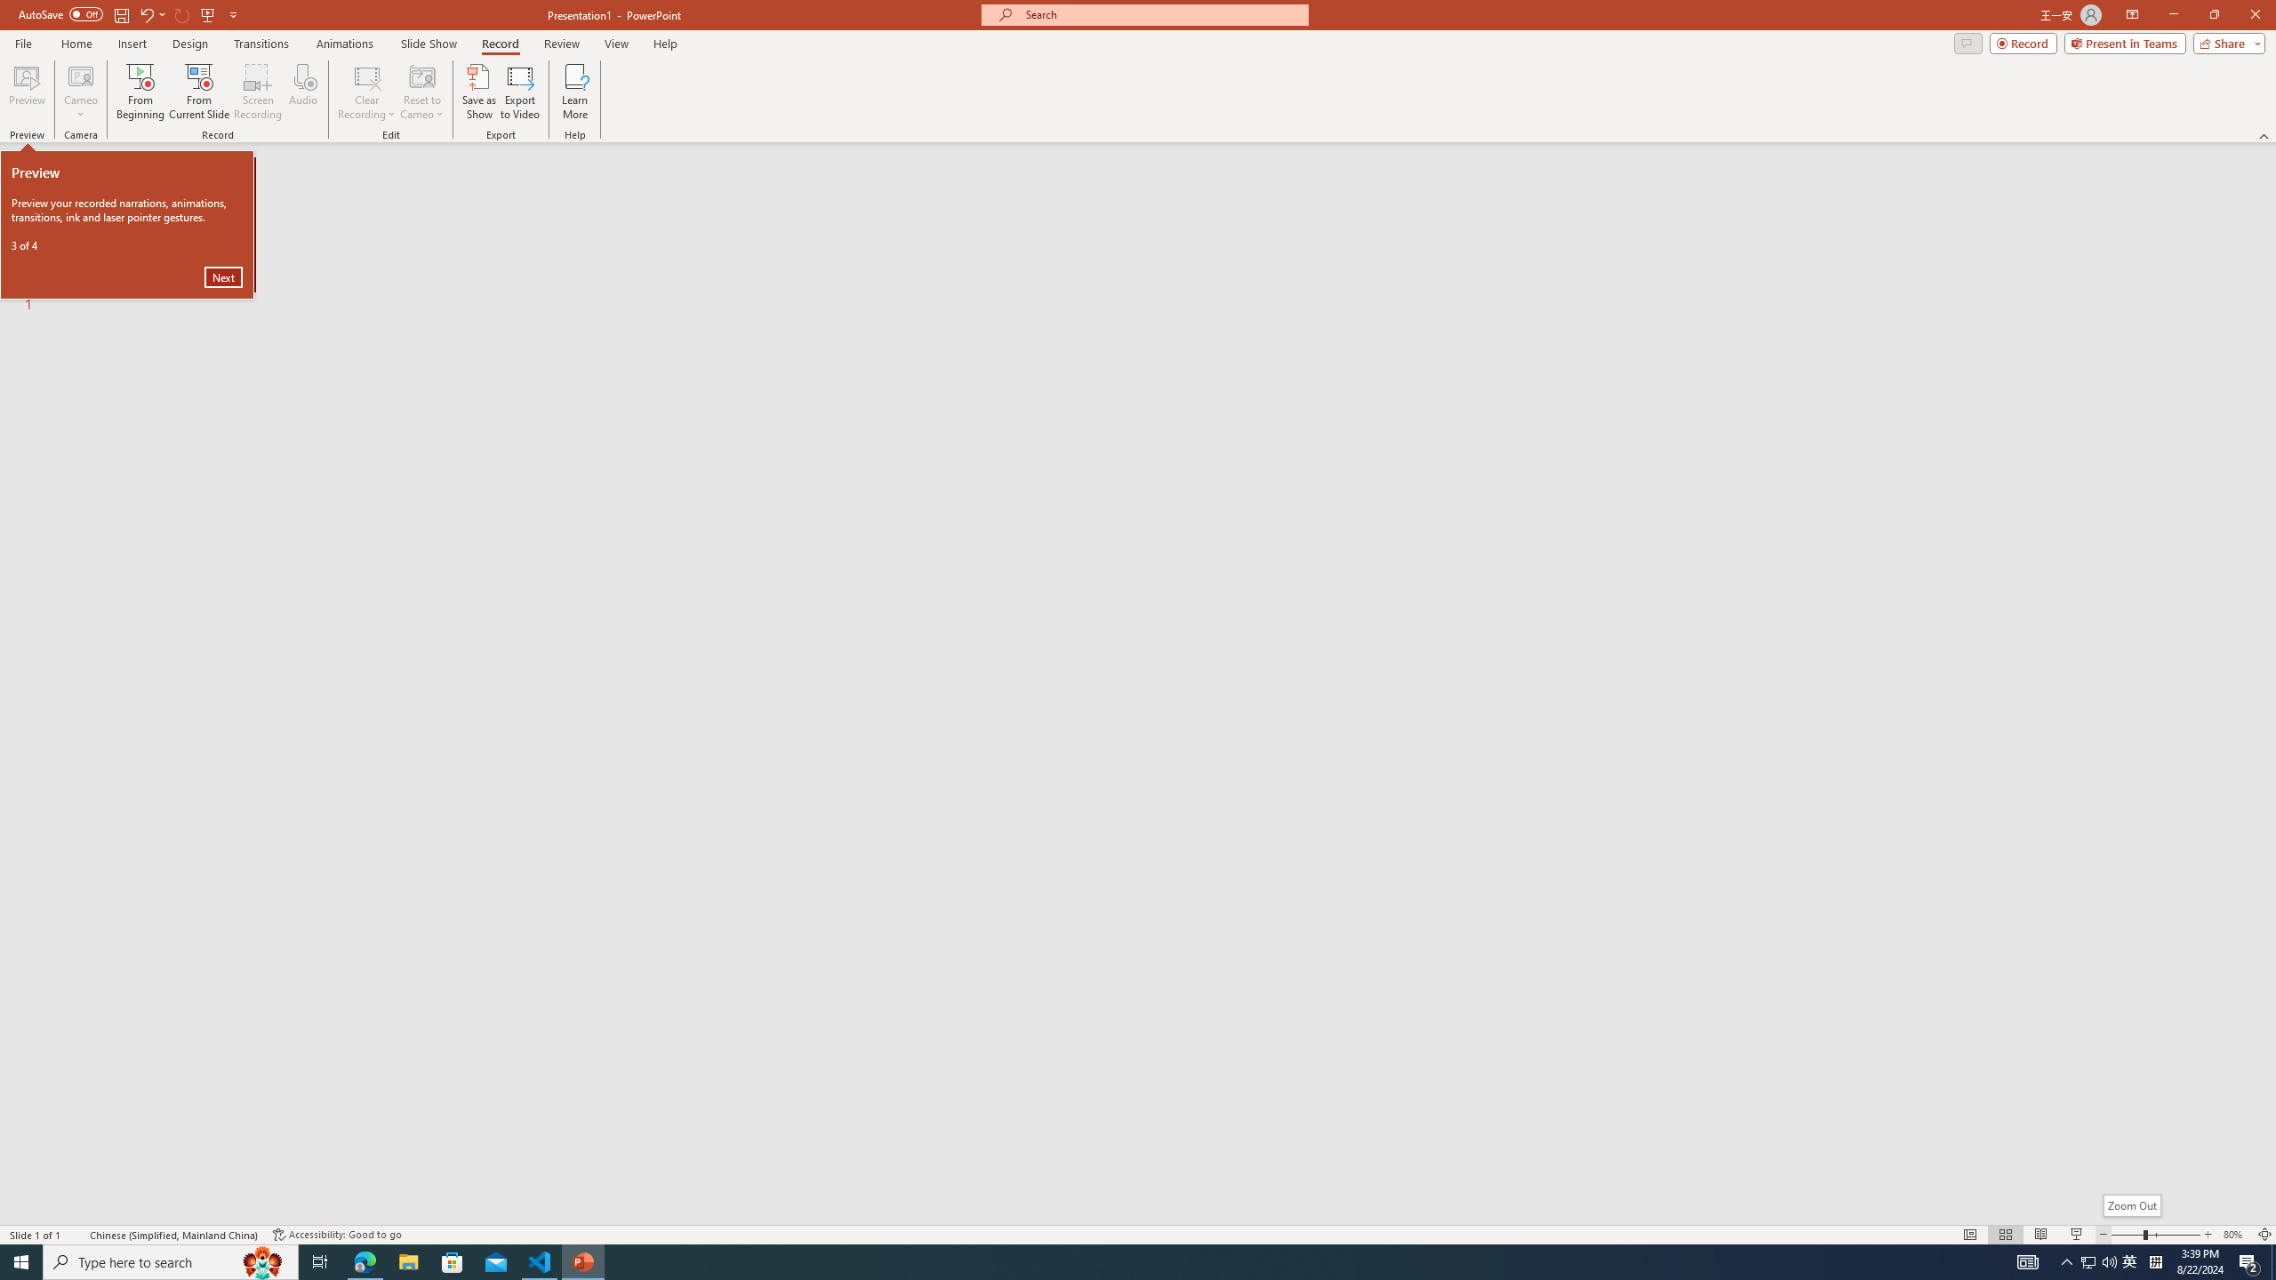  Describe the element at coordinates (366, 92) in the screenshot. I see `'Clear Recording'` at that location.